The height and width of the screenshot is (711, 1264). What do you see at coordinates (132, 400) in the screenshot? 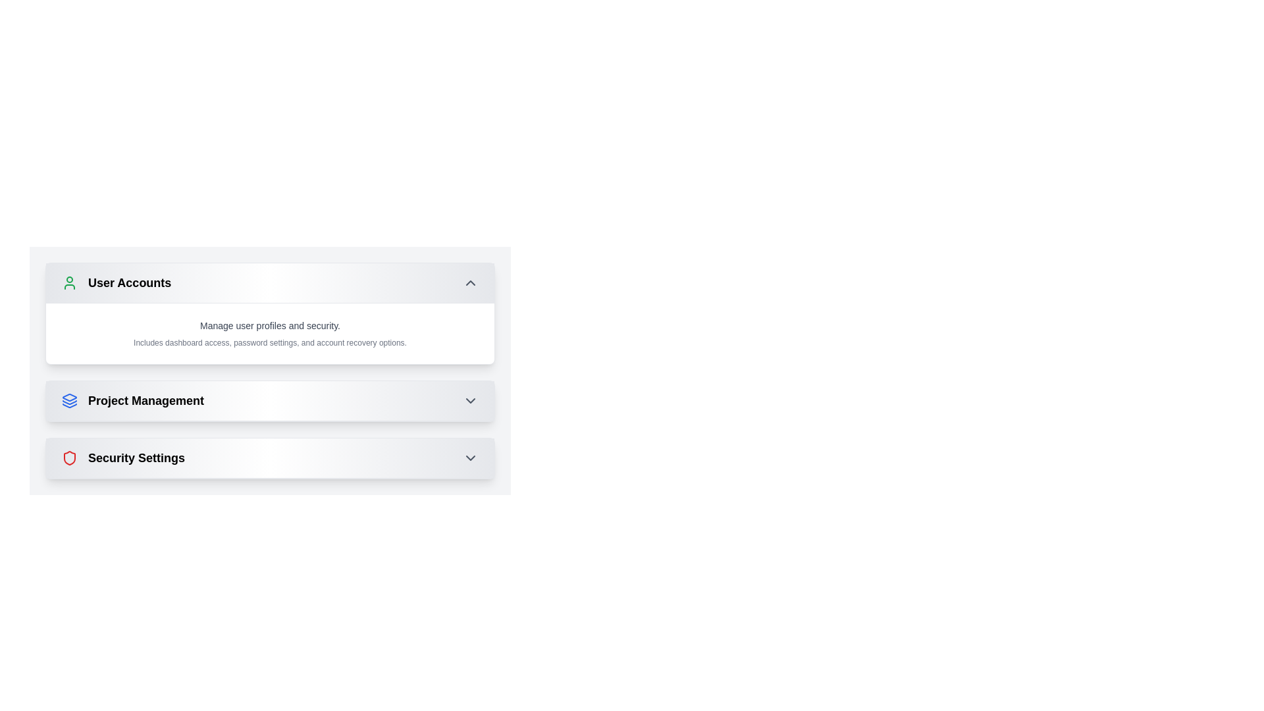
I see `text of the bold label 'Project Management' which is styled with a larger font size and black color, located in the middle of the vertical list of sections` at bounding box center [132, 400].